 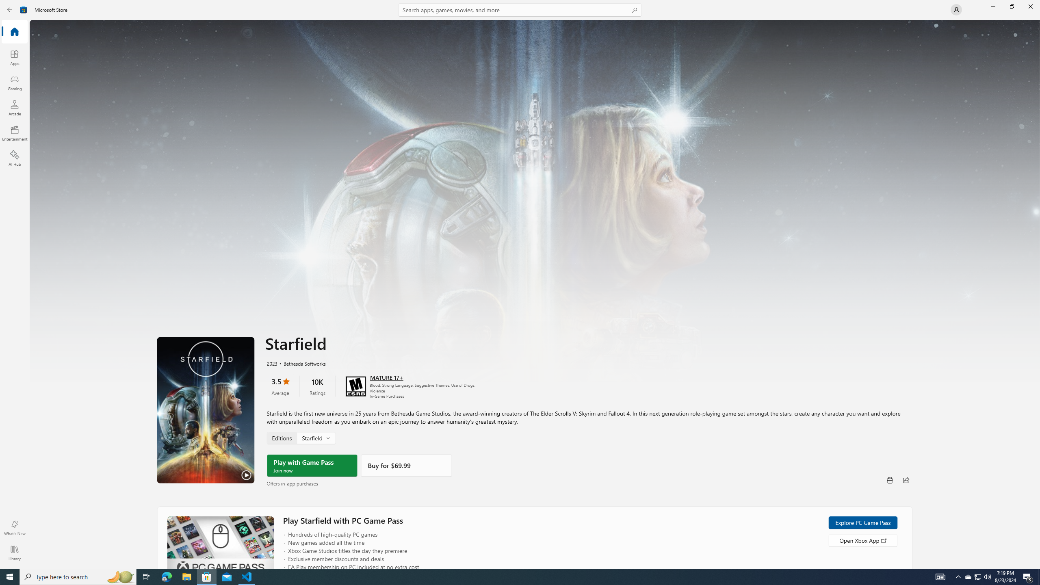 I want to click on 'Home', so click(x=14, y=32).